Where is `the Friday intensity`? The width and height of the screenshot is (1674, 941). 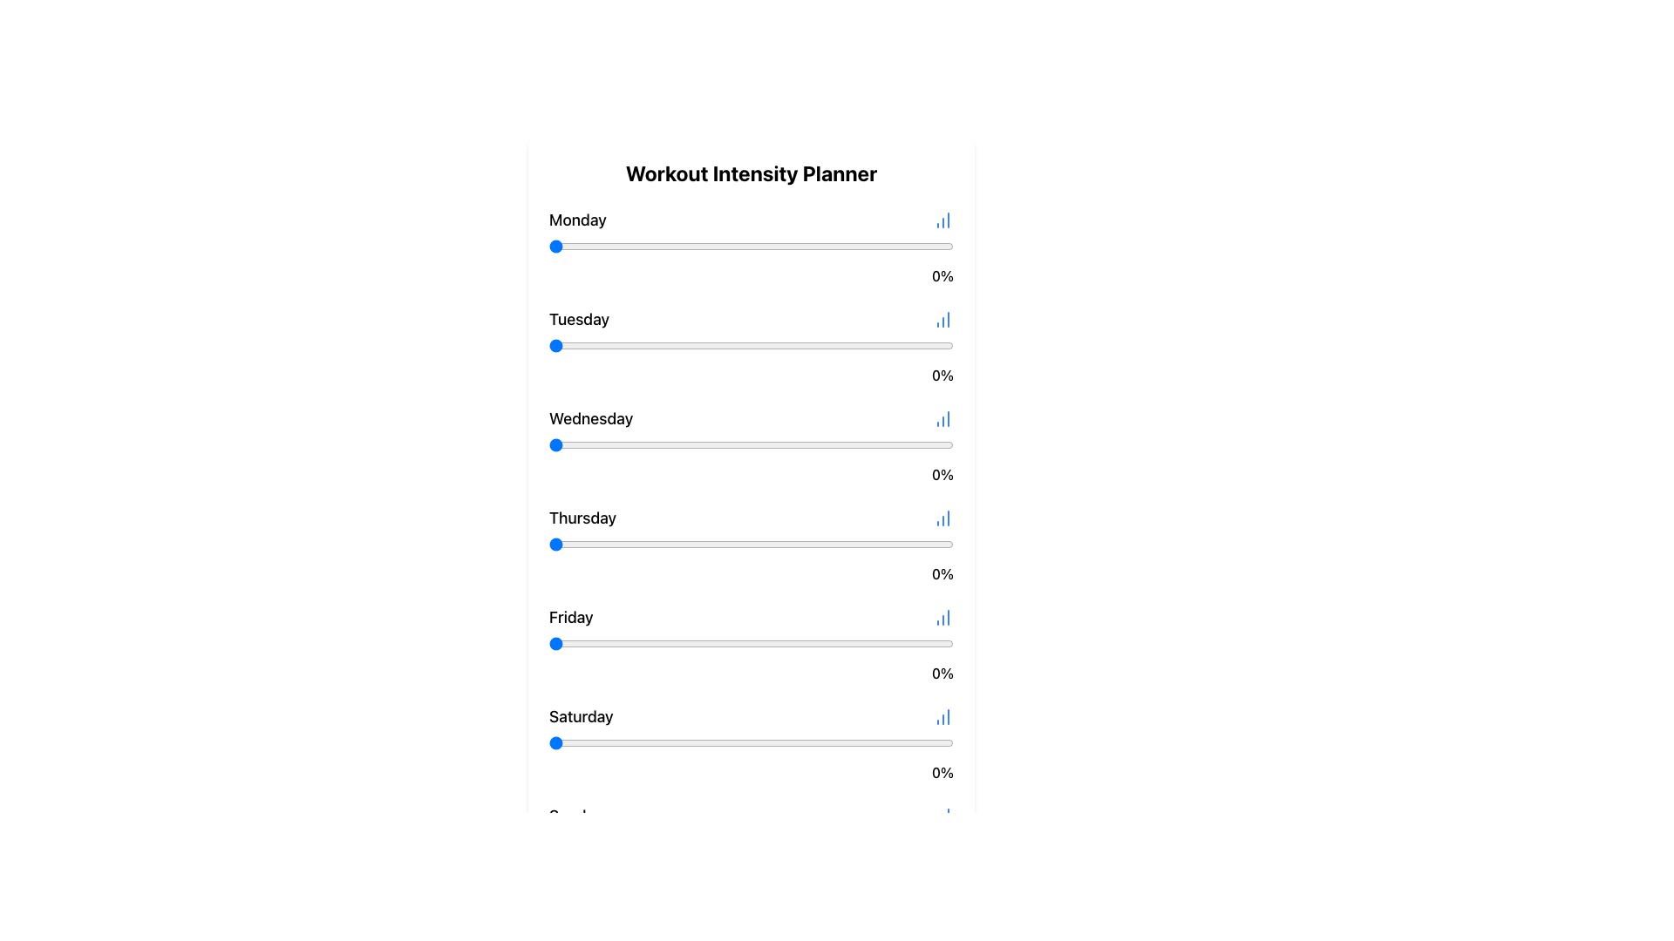
the Friday intensity is located at coordinates (735, 644).